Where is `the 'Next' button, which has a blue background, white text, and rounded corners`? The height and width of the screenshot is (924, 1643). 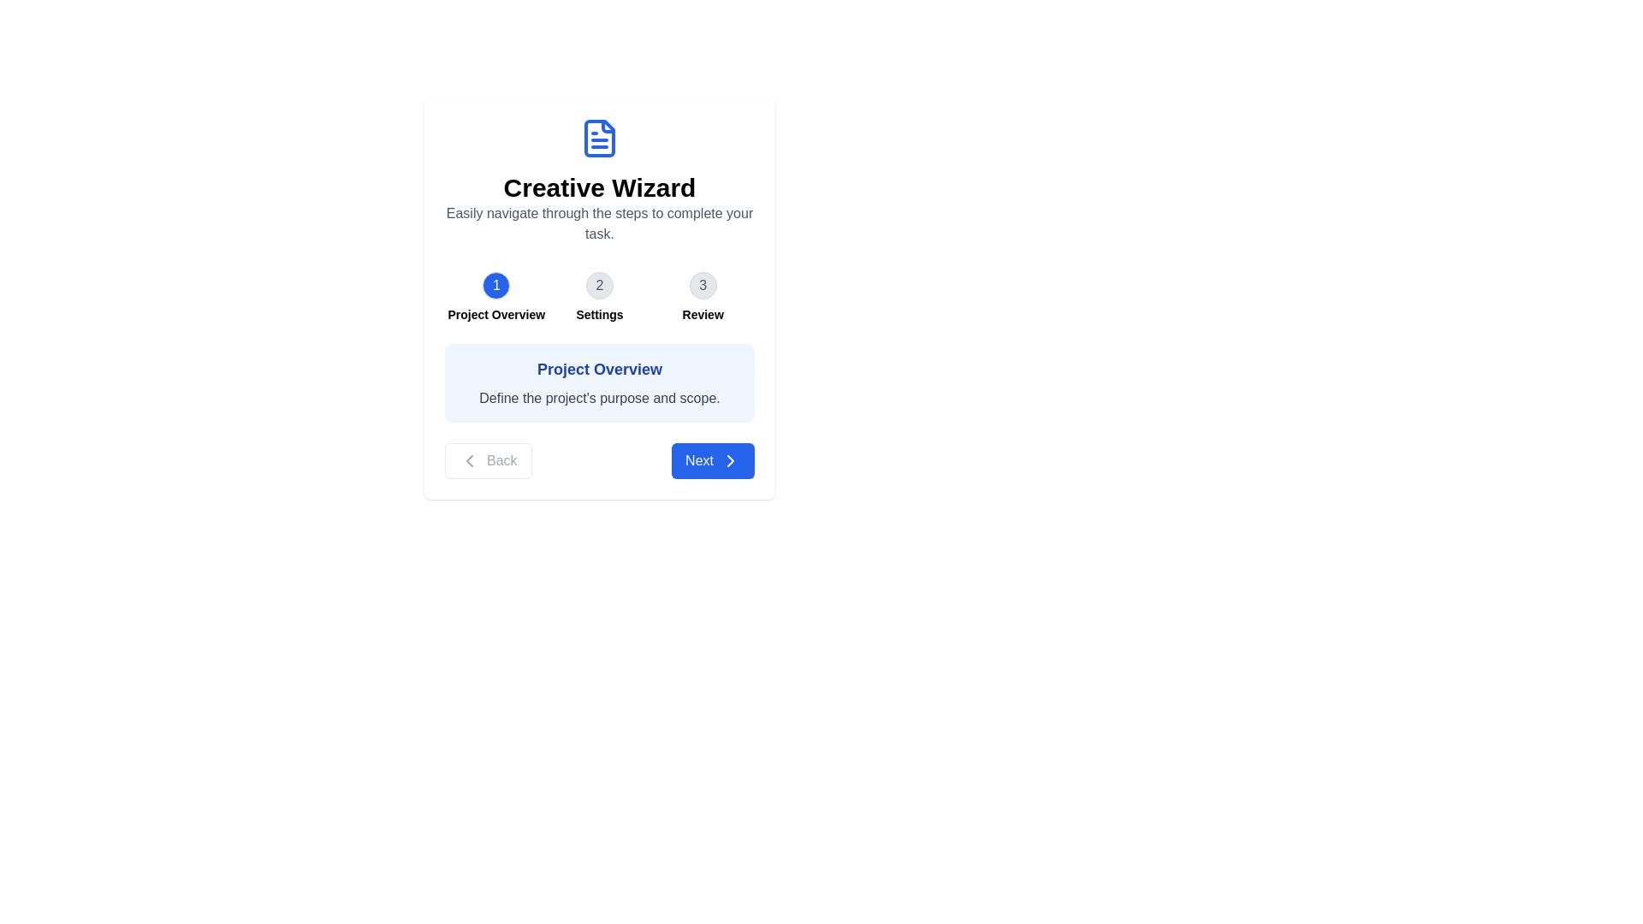 the 'Next' button, which has a blue background, white text, and rounded corners is located at coordinates (713, 460).